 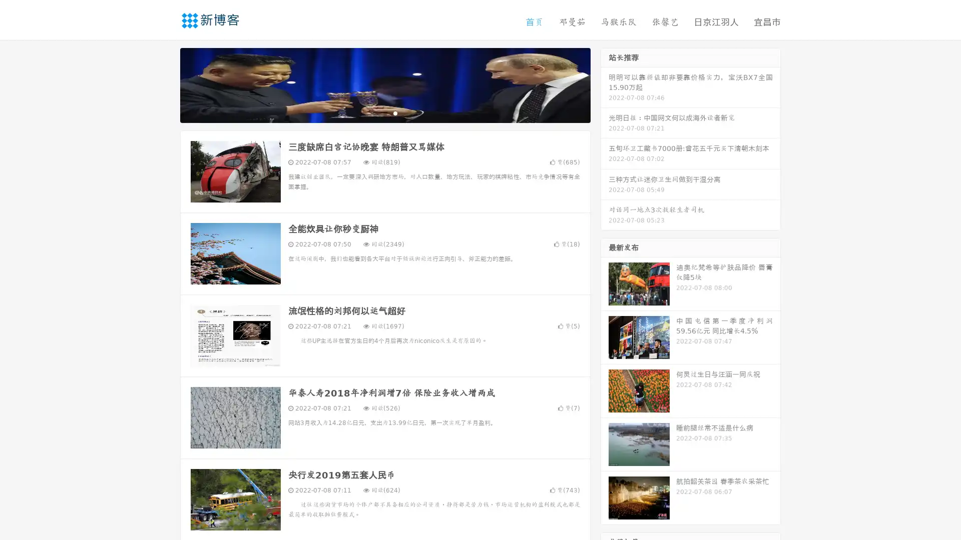 I want to click on Go to slide 1, so click(x=374, y=112).